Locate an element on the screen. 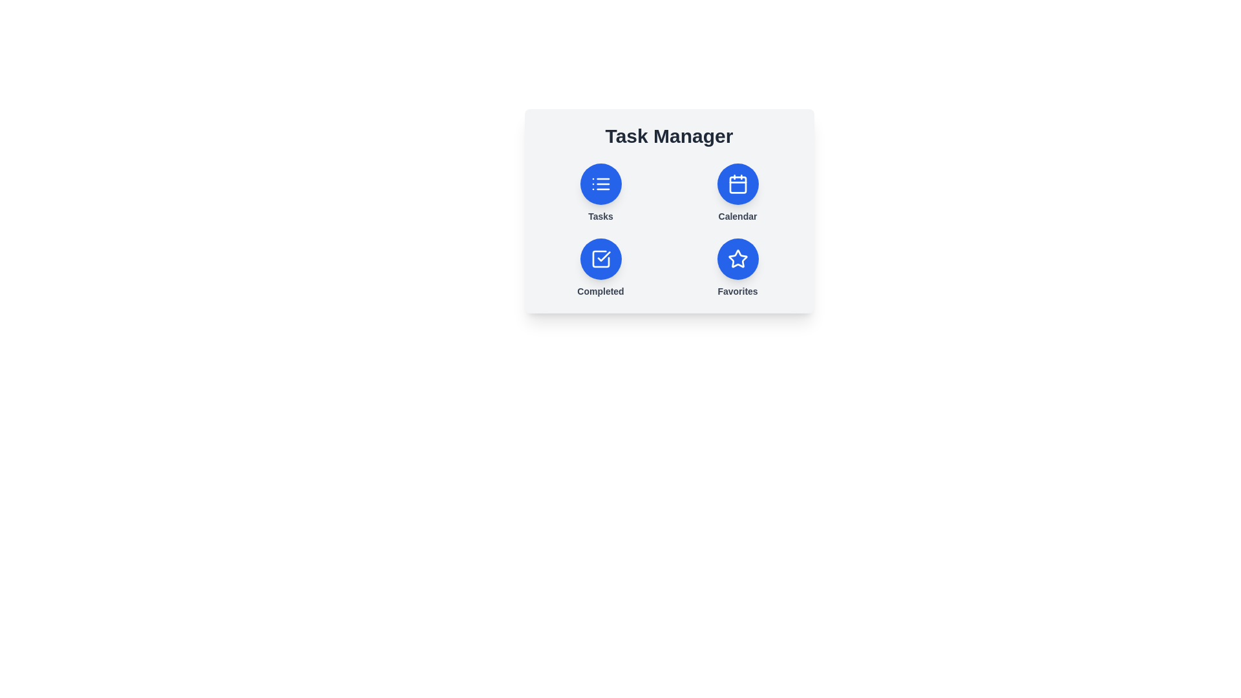 Image resolution: width=1241 pixels, height=698 pixels. the 'Completed' category icon located in the lower-left quadrant of the grid layout, which signifies completed tasks is located at coordinates (600, 259).